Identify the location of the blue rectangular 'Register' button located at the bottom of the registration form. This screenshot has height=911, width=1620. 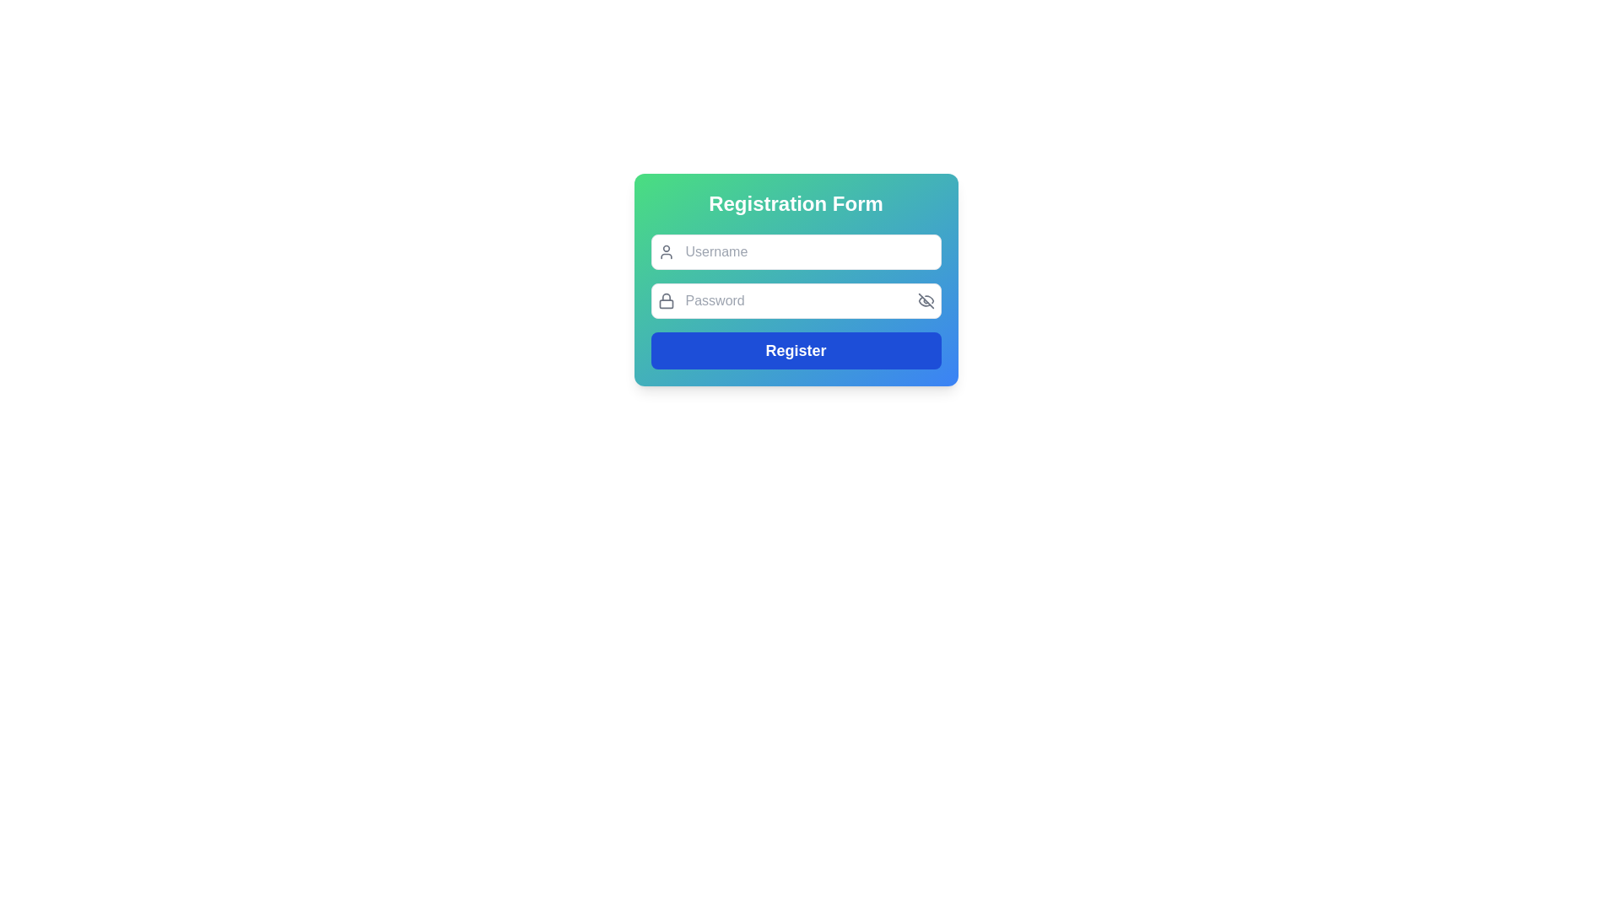
(795, 350).